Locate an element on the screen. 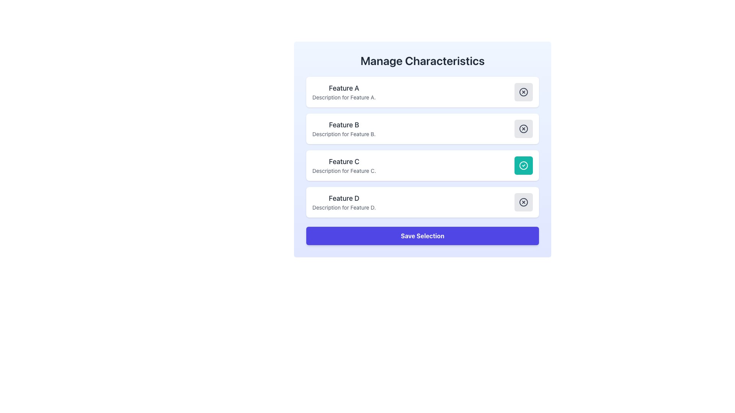 The width and height of the screenshot is (735, 413). inner green circular component of the checkbox-like icon representing 'Feature C' in the 'Manage Characteristics' section is located at coordinates (523, 165).